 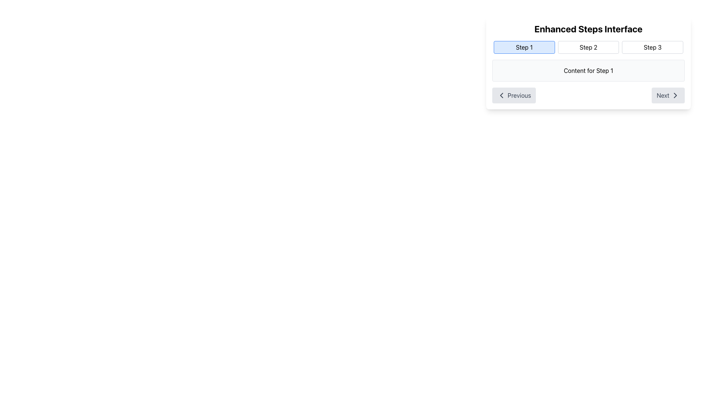 What do you see at coordinates (588, 47) in the screenshot?
I see `the second step indicator button labeled 'Step 2'` at bounding box center [588, 47].